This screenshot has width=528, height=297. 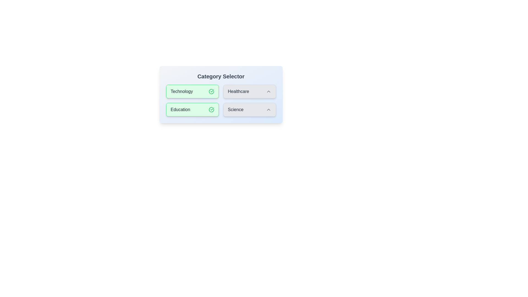 I want to click on the category Education to observe the hover effect, so click(x=192, y=109).